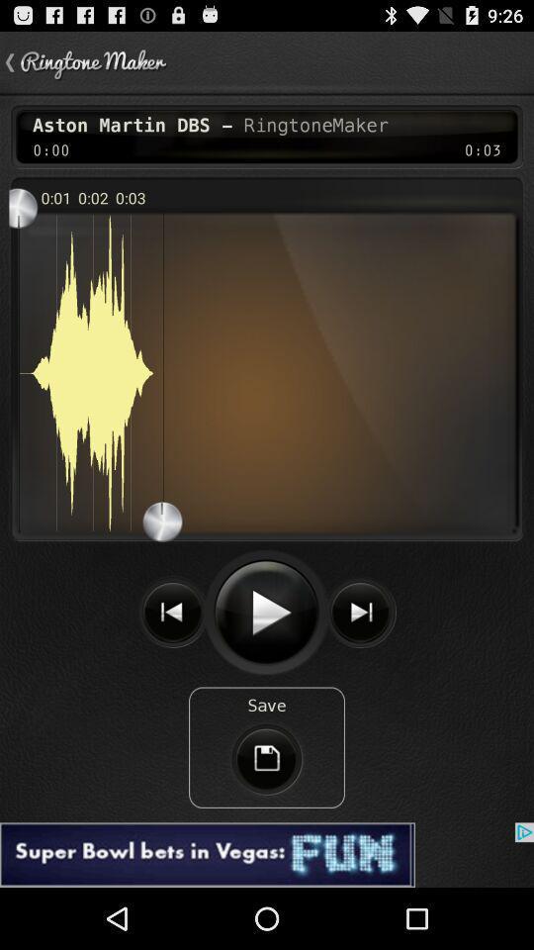  What do you see at coordinates (172, 654) in the screenshot?
I see `the skip_previous icon` at bounding box center [172, 654].